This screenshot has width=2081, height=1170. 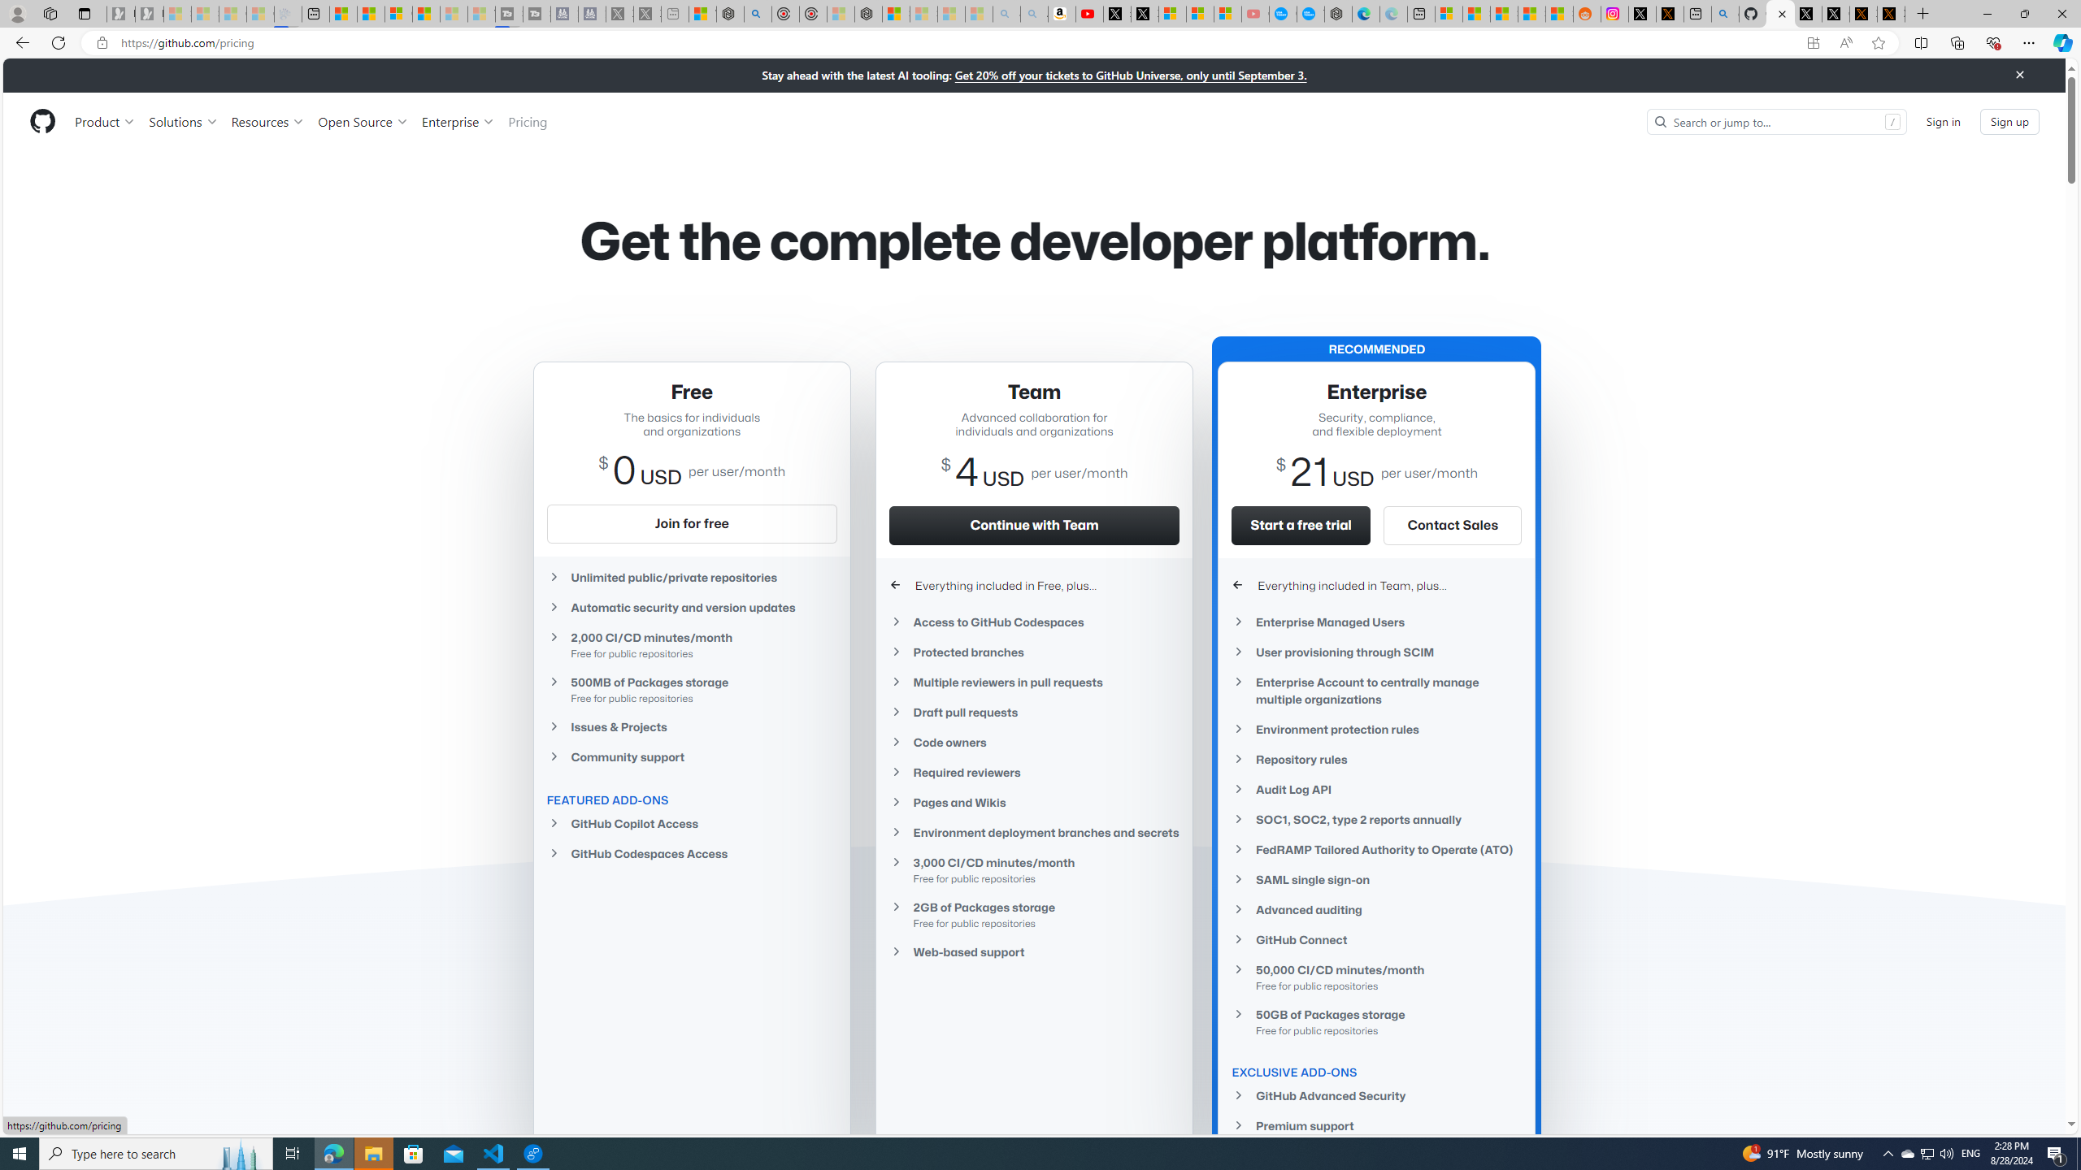 I want to click on 'SOC1, SOC2, type 2 reports annually', so click(x=1376, y=819).